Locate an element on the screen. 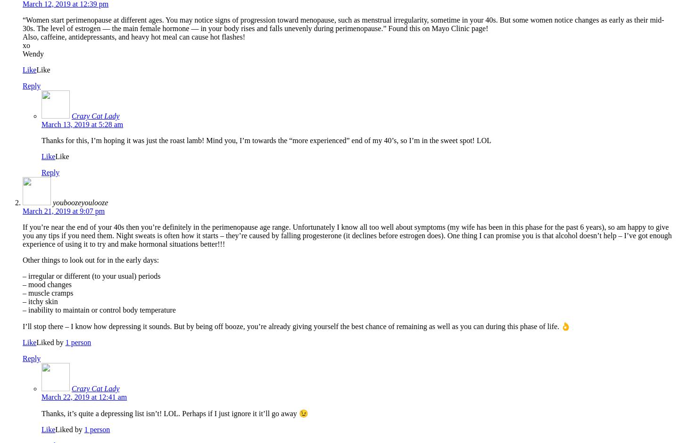 This screenshot has width=679, height=443. '– mood changes' is located at coordinates (47, 284).